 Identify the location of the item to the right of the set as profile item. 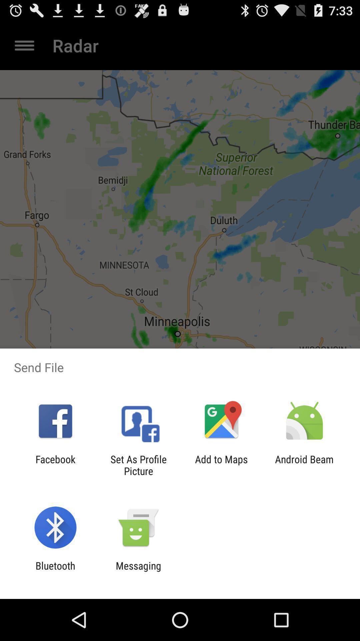
(221, 465).